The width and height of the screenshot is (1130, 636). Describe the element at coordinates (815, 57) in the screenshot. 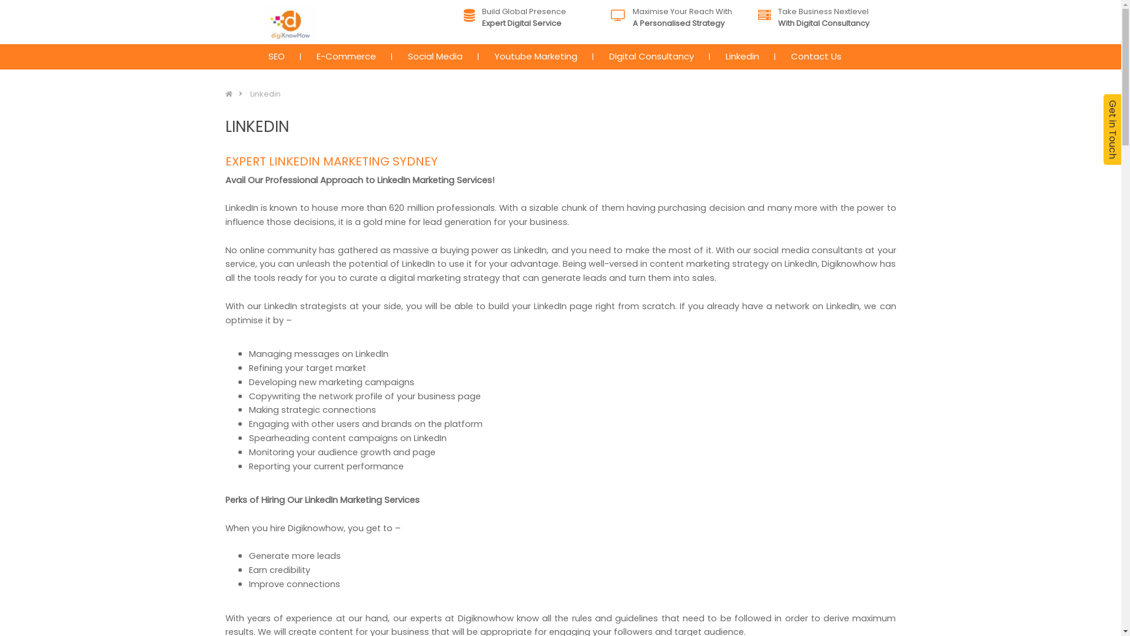

I see `'Contact Us'` at that location.